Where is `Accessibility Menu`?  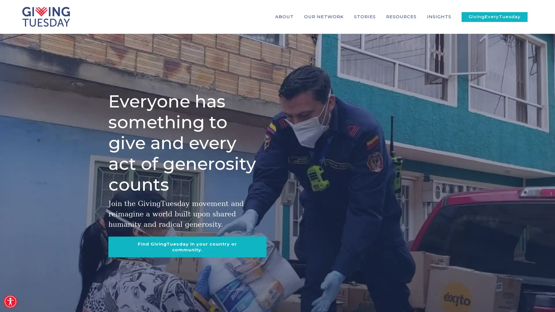
Accessibility Menu is located at coordinates (10, 301).